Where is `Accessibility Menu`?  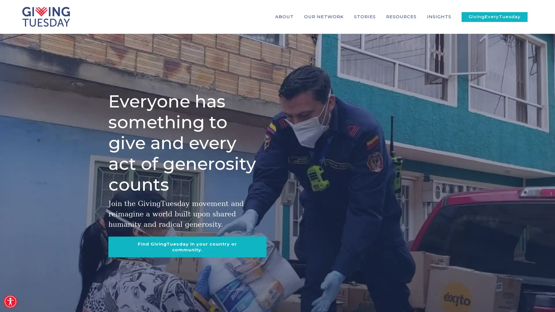
Accessibility Menu is located at coordinates (10, 301).